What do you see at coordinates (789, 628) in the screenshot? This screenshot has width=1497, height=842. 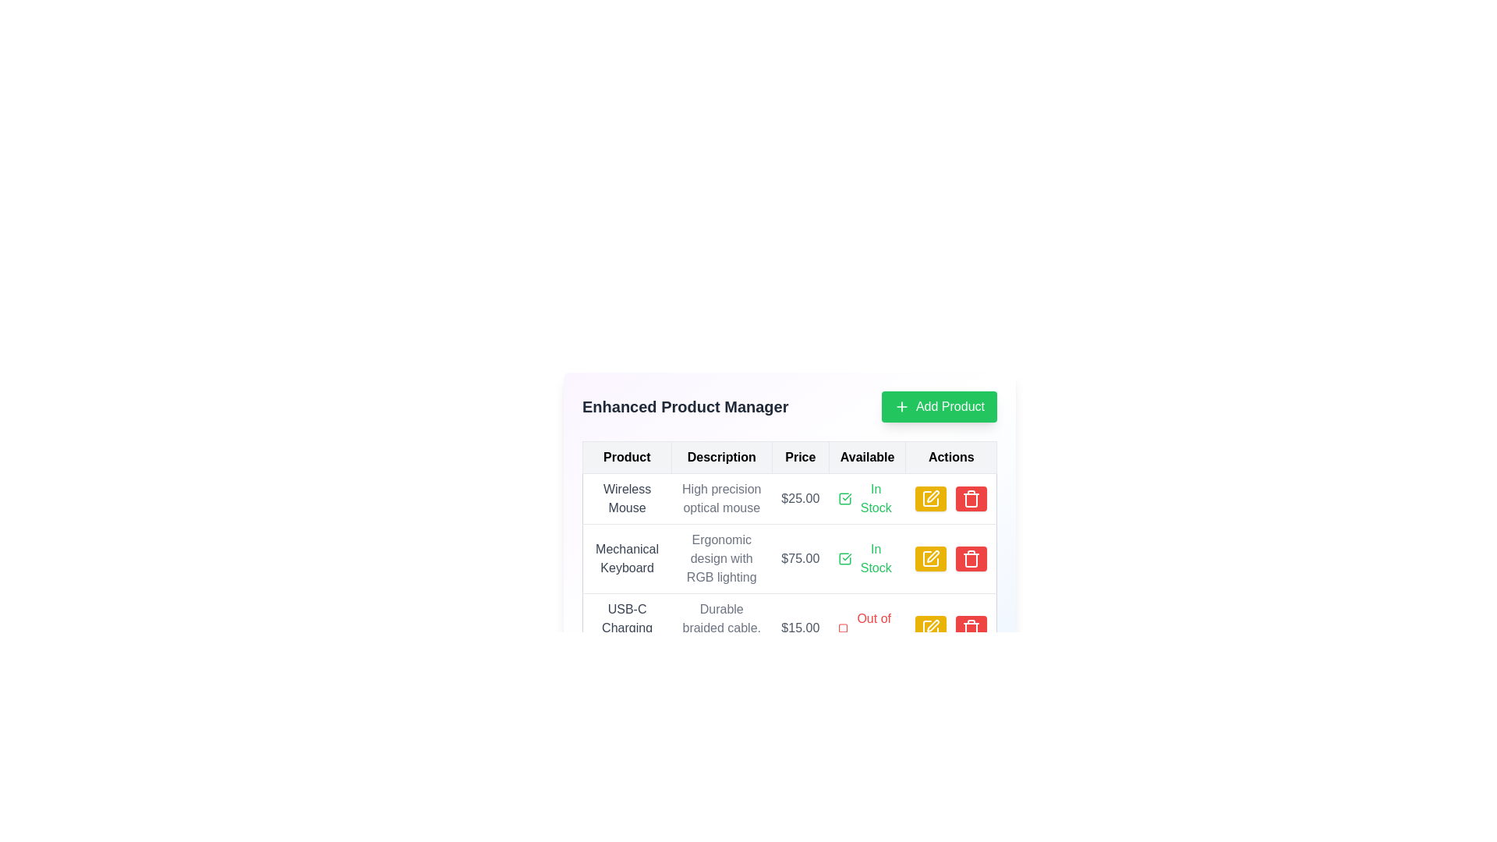 I see `information displayed in the List Item for 'USB-C Charging Cable', which includes its description, price of $15.00, and the 'Out of Stock' status marked in red text` at bounding box center [789, 628].